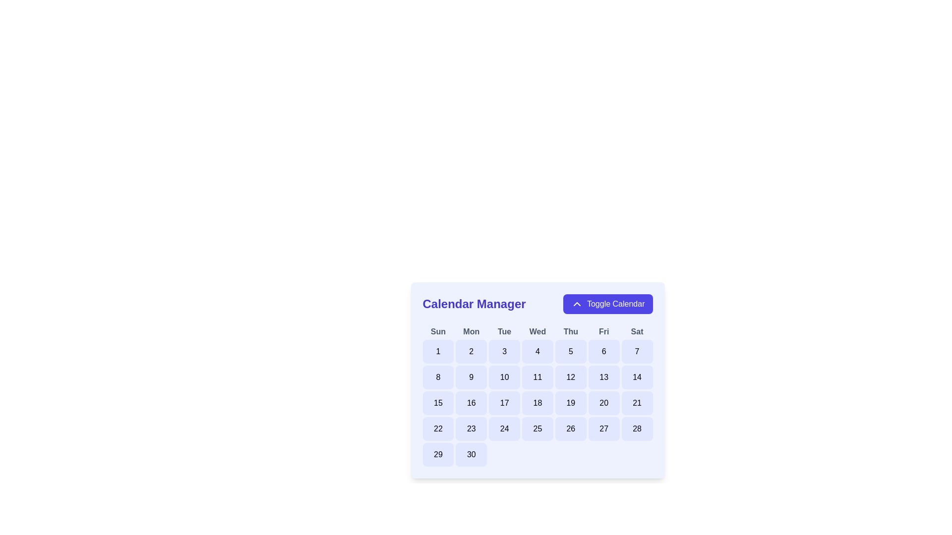 The width and height of the screenshot is (952, 535). What do you see at coordinates (504, 377) in the screenshot?
I see `the selectable day button for the date '10' in the calendar interface, positioned in the fourth row and third column under 'Tue'` at bounding box center [504, 377].